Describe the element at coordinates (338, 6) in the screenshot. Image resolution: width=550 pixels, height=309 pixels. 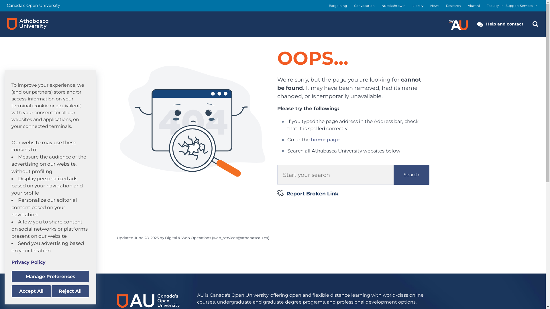
I see `'Bargaining'` at that location.